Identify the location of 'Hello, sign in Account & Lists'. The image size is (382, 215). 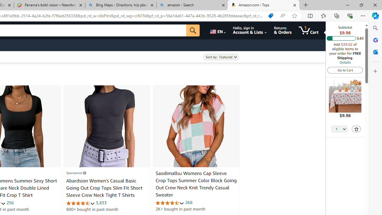
(250, 30).